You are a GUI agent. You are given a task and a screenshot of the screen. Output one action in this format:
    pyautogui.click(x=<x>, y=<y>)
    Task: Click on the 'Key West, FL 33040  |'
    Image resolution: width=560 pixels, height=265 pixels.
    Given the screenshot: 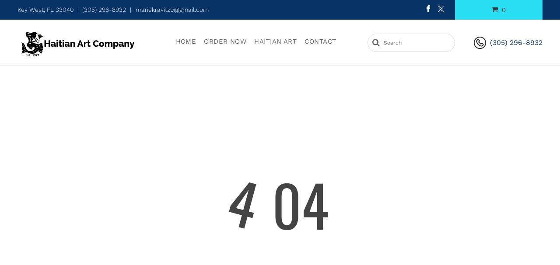 What is the action you would take?
    pyautogui.click(x=49, y=9)
    